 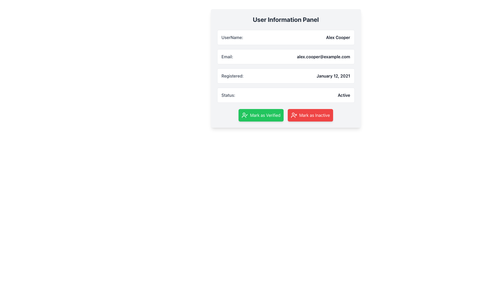 I want to click on the bold text label displaying the word 'Active' in black font, which is positioned to the right of the label 'Status:' within the user information panel, so click(x=344, y=95).